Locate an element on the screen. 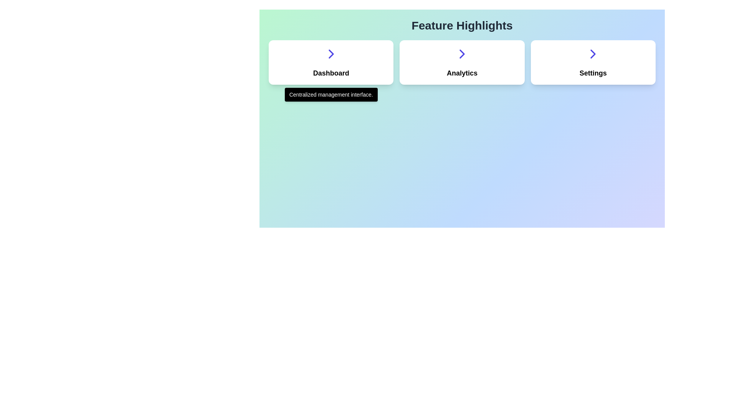 Image resolution: width=737 pixels, height=414 pixels. the right-pointing indigo arrow icon located at the center-top of the 'Analytics' card is located at coordinates (462, 54).